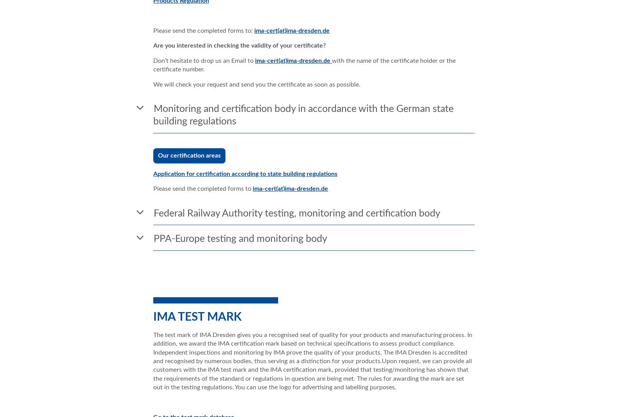 This screenshot has width=628, height=417. I want to click on 'Federal Railway Authority testing, monitoring and certification body', so click(296, 213).